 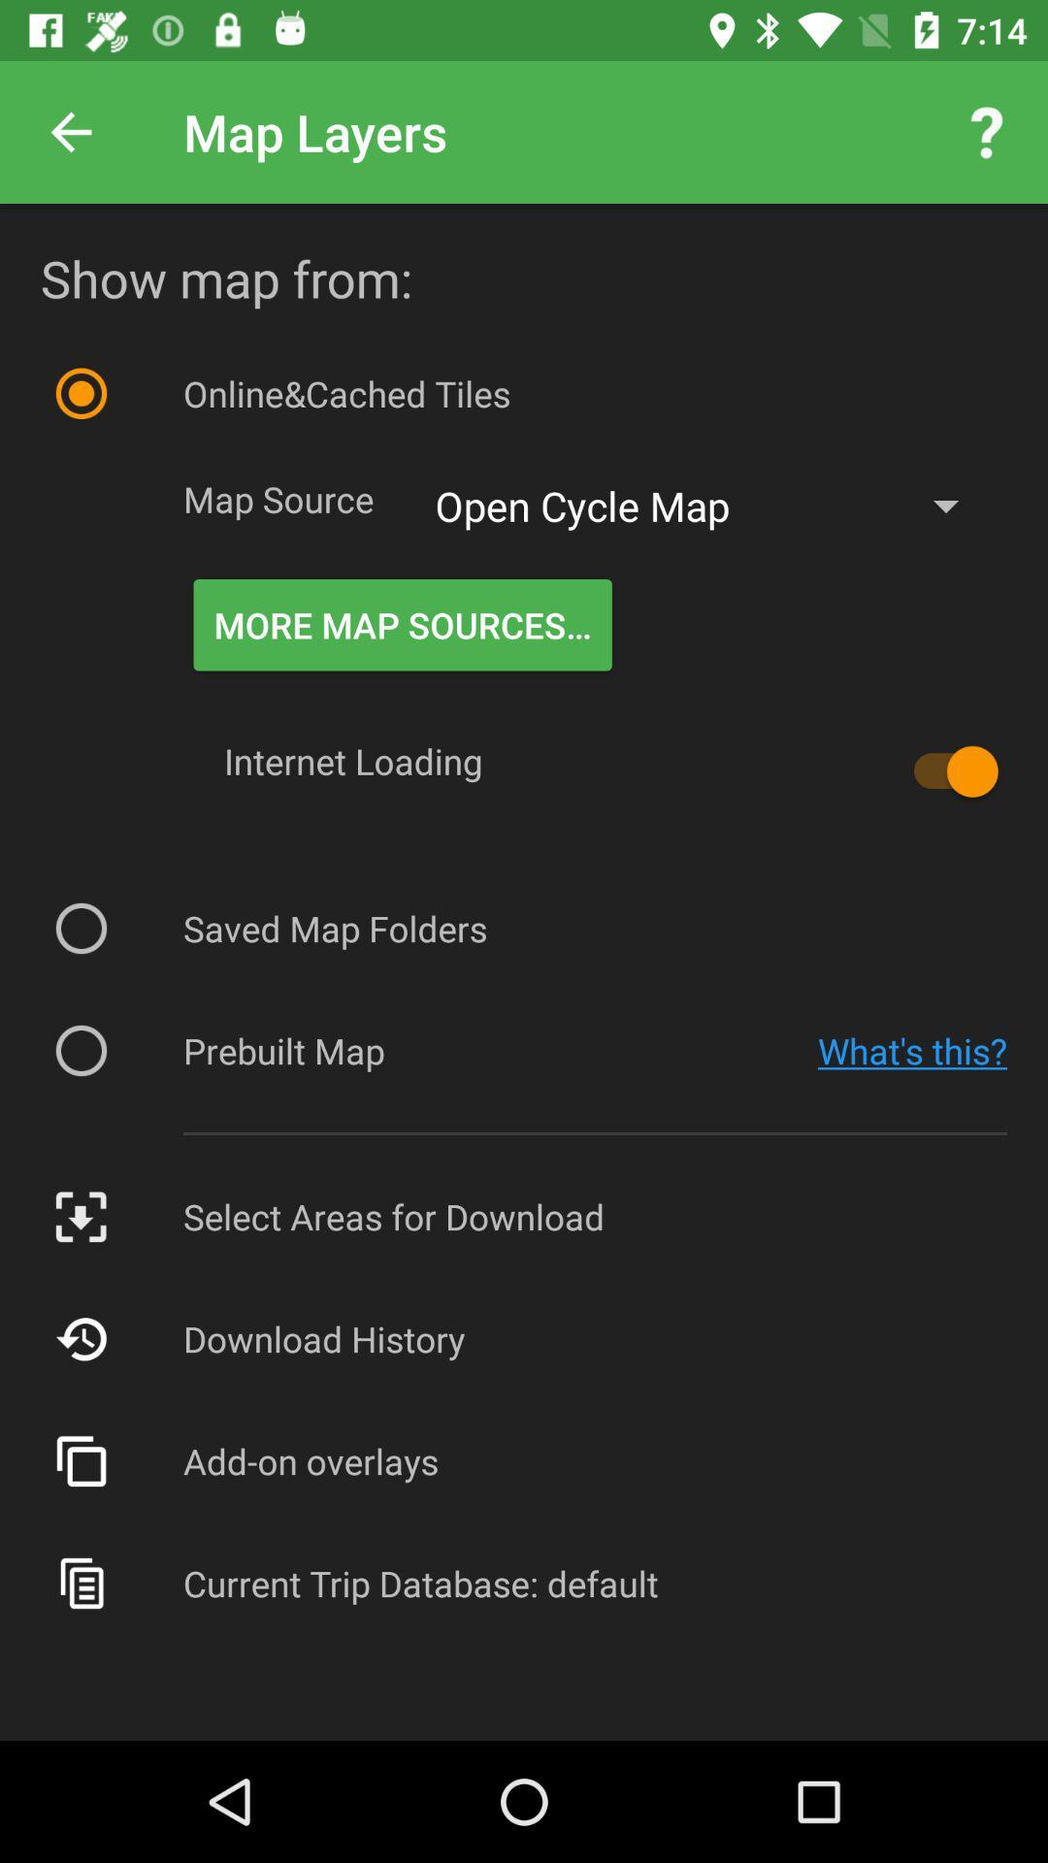 What do you see at coordinates (945, 770) in the screenshot?
I see `switch internet loading option` at bounding box center [945, 770].